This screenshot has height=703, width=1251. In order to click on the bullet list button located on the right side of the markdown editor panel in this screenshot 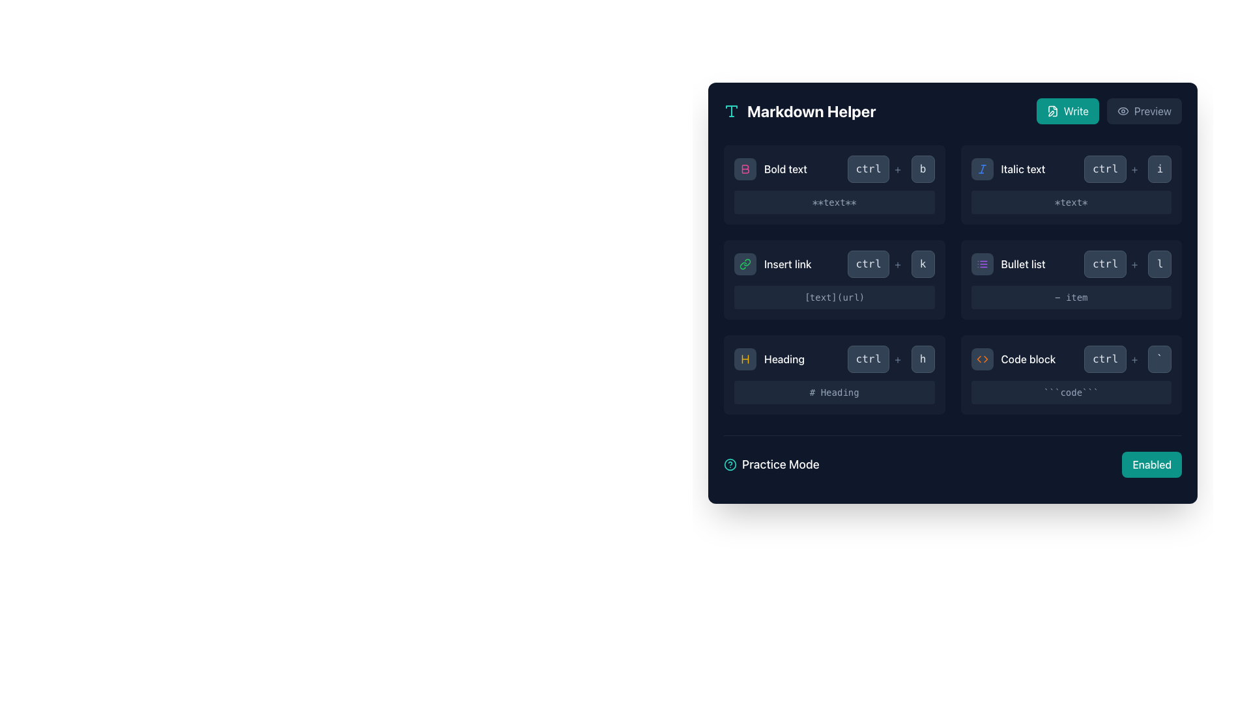, I will do `click(982, 264)`.